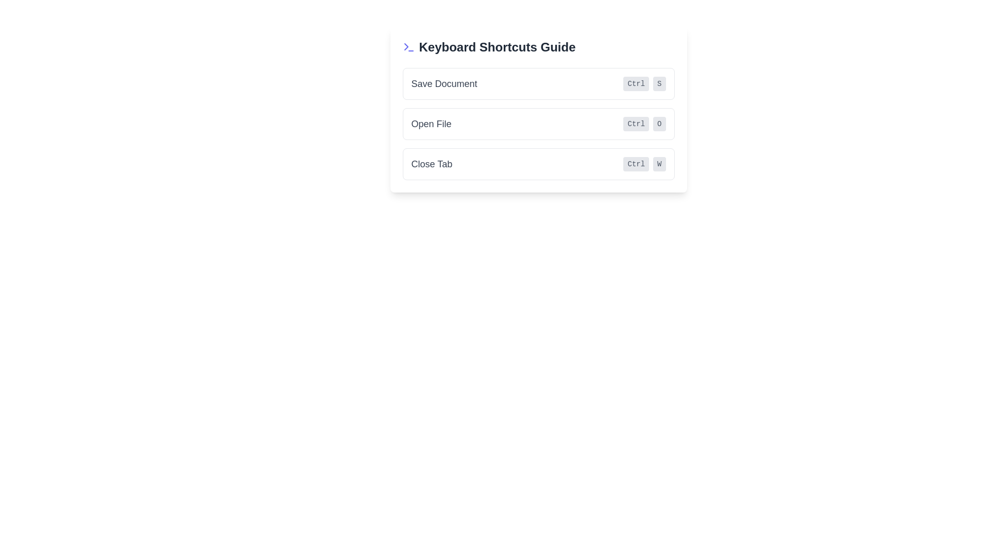  I want to click on the 'Open File' label, which displays the phrase in a medium-sized, bold, gray font and is the leftmost text in the second row of keyboard shortcuts, so click(431, 123).